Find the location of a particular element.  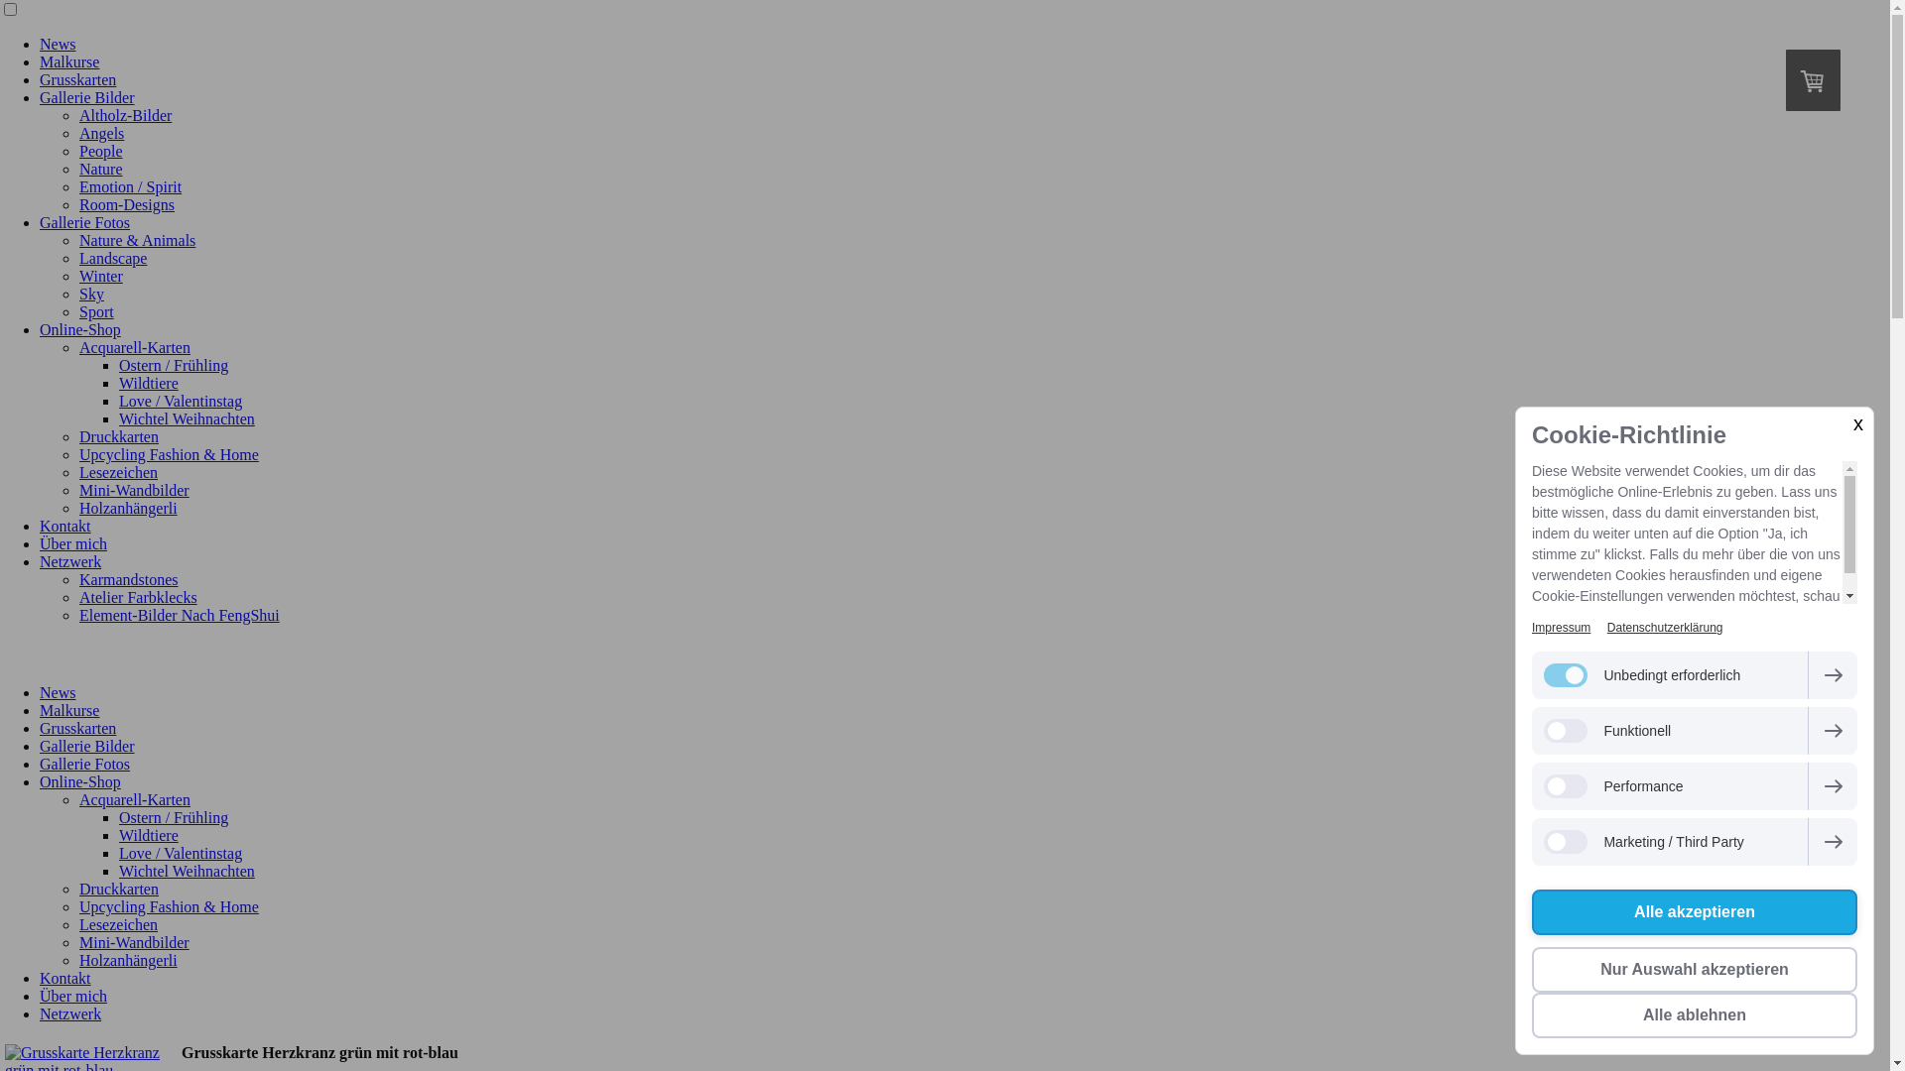

'Wildtiere' is located at coordinates (147, 835).